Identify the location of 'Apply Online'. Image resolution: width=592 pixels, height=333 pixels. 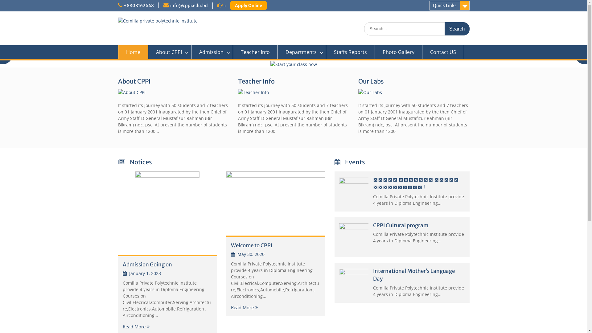
(248, 6).